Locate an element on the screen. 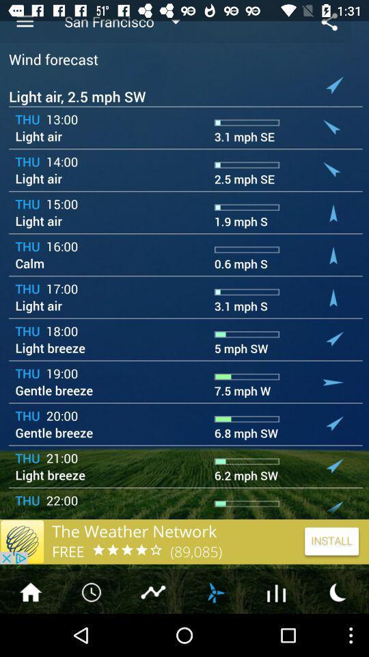 Image resolution: width=369 pixels, height=657 pixels. the weather icon is located at coordinates (215, 633).